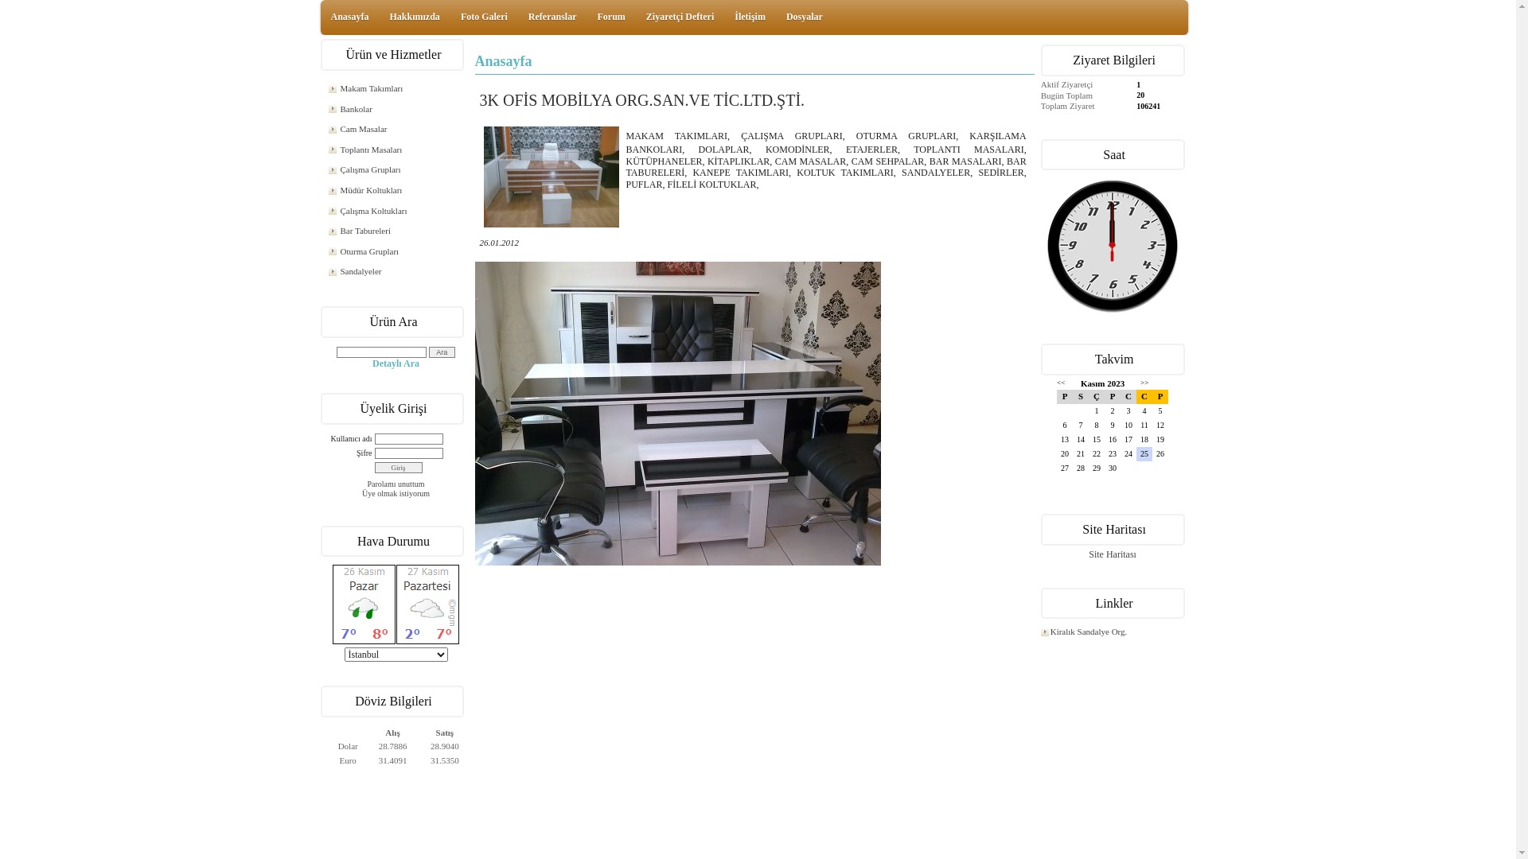  Describe the element at coordinates (442, 352) in the screenshot. I see `' Ara '` at that location.